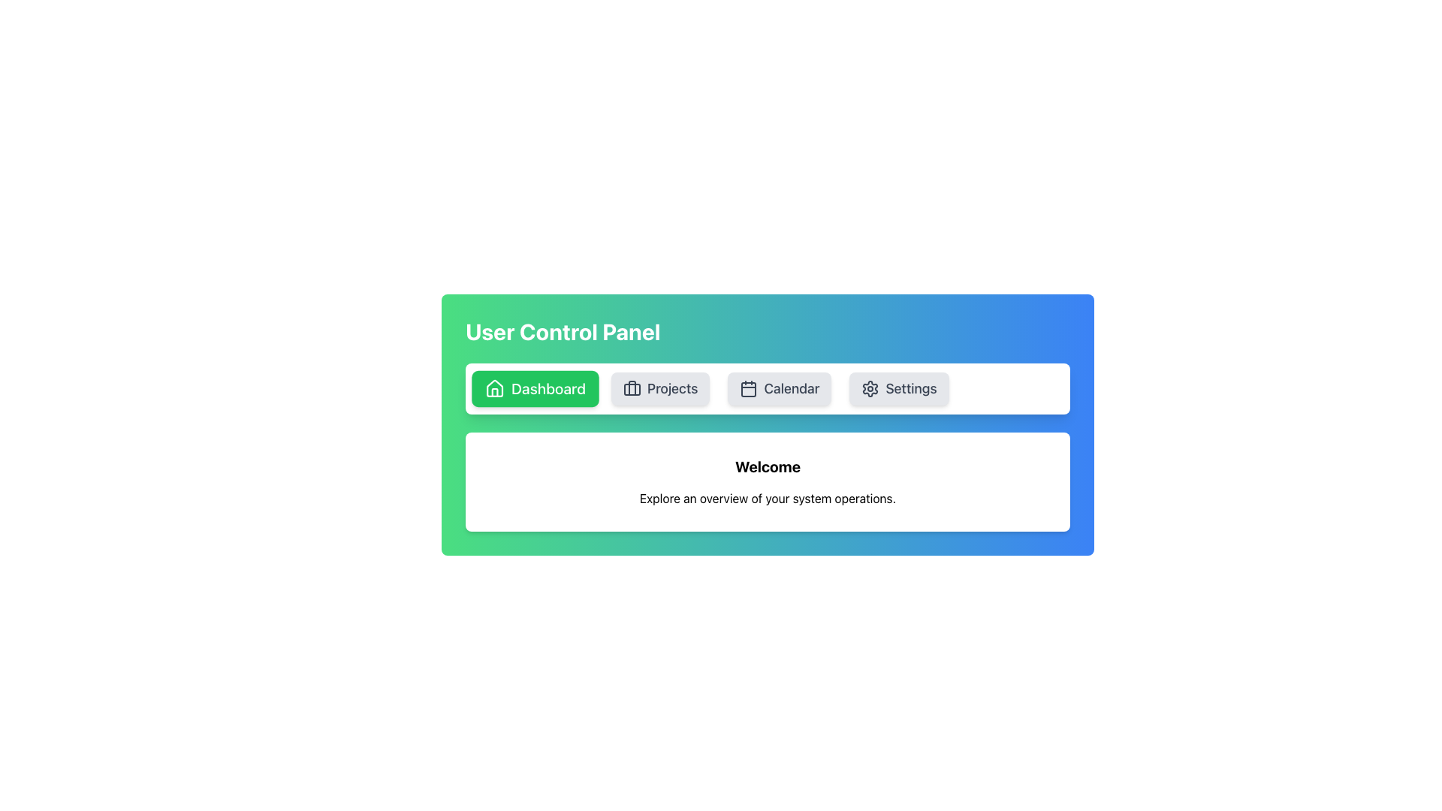 The image size is (1442, 811). Describe the element at coordinates (768, 387) in the screenshot. I see `the Navigation bar to visualize the hover effects on the buttons within the navigation panel located between the 'User Control Panel' heading and the 'Welcome' section` at that location.